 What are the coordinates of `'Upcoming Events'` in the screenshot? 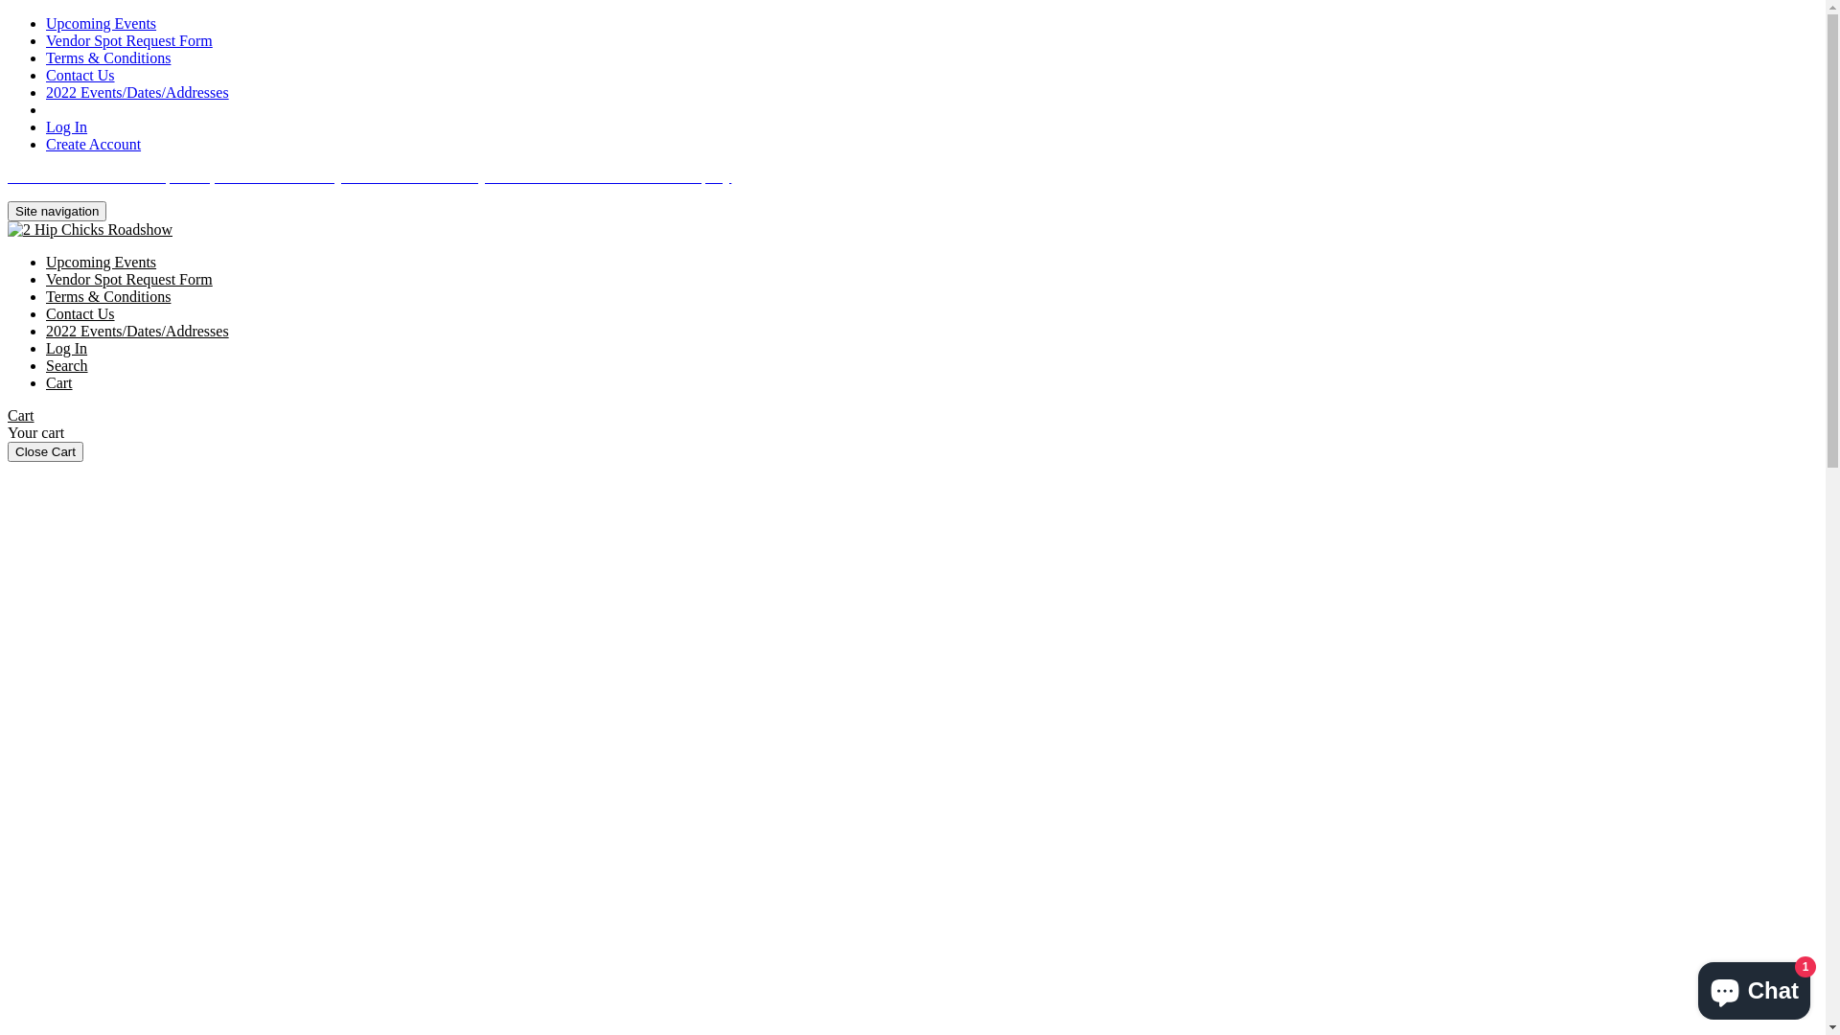 It's located at (100, 262).